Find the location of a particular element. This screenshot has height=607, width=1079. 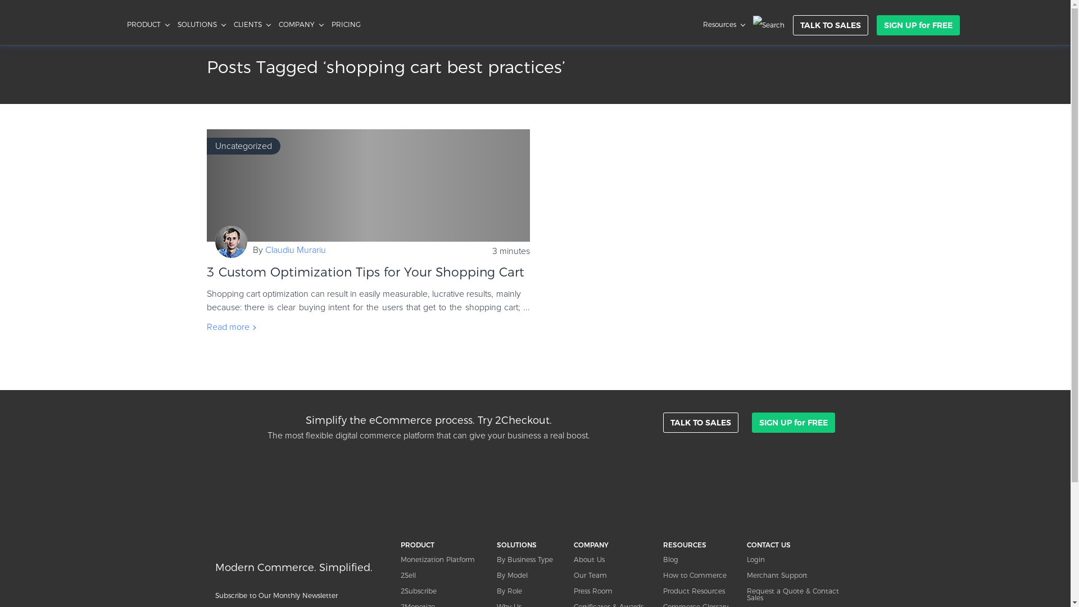

'About Us' is located at coordinates (574, 559).